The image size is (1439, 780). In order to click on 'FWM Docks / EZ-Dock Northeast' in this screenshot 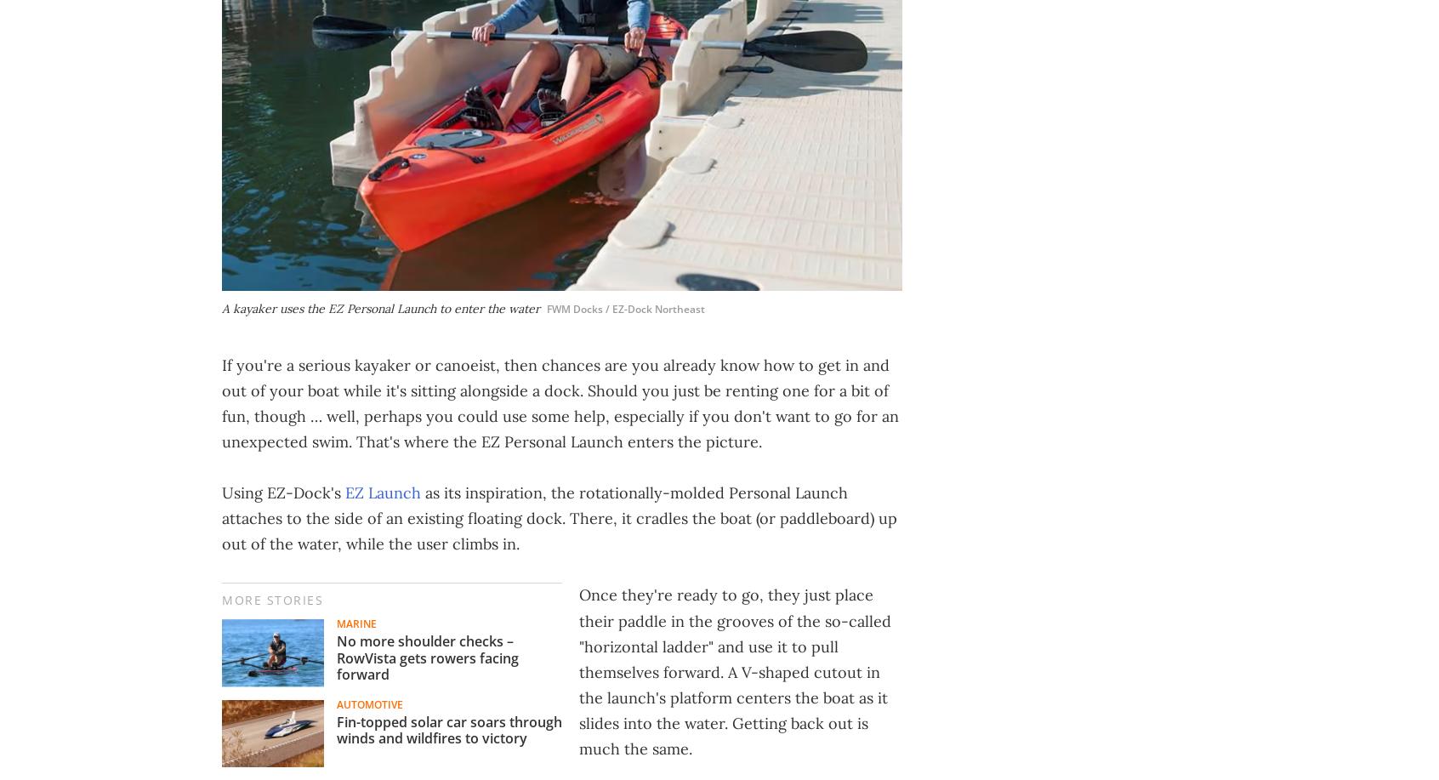, I will do `click(625, 308)`.